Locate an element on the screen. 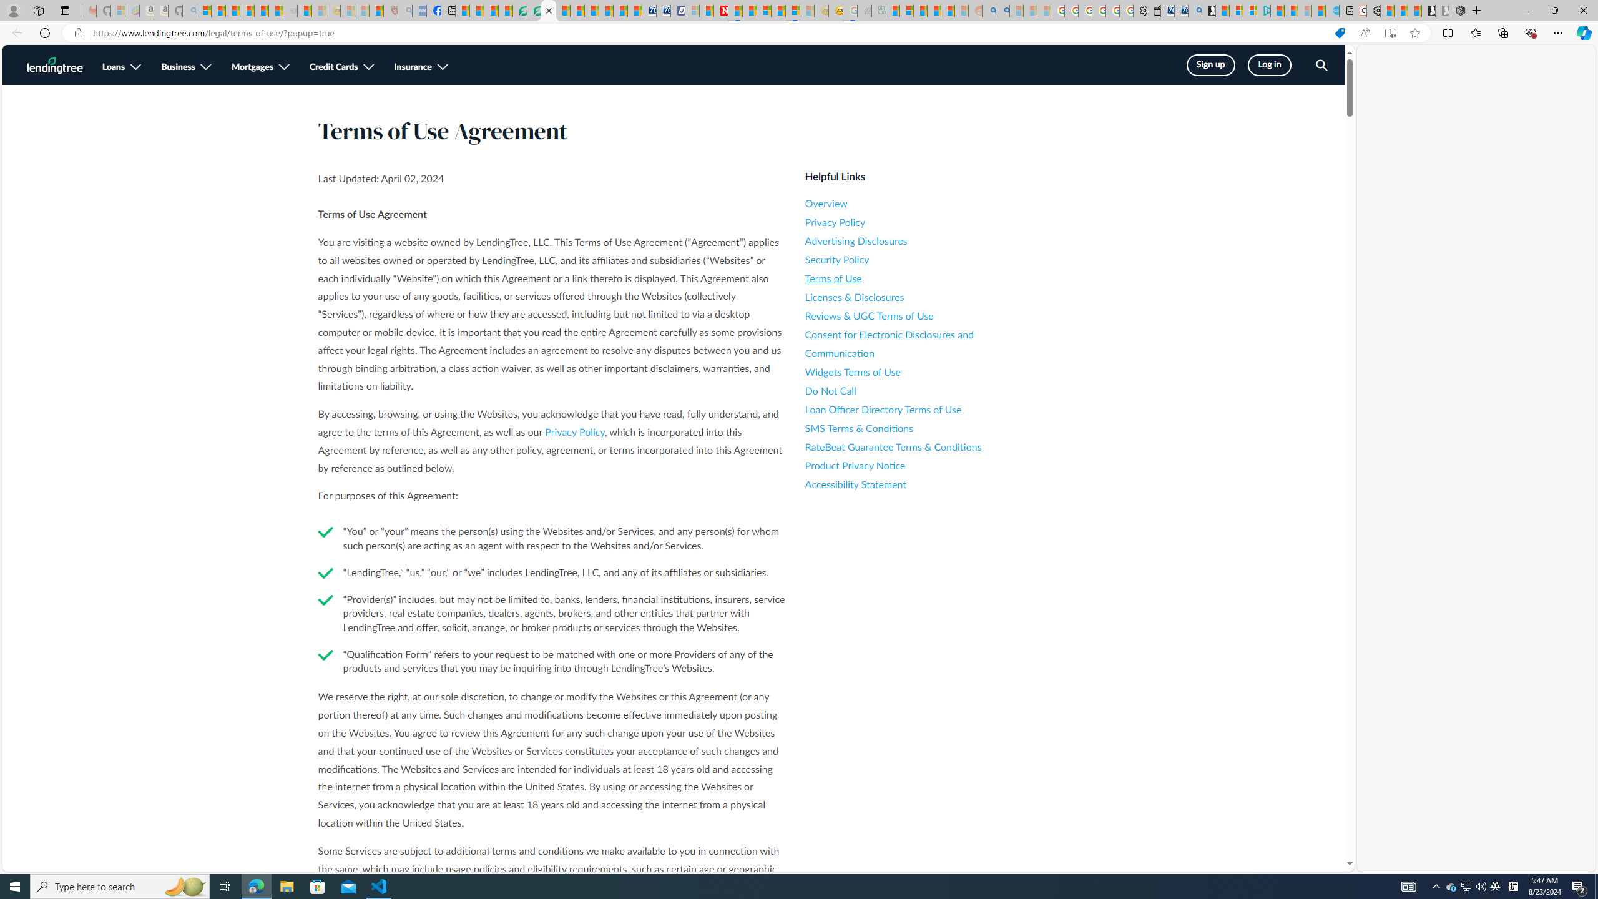  'Do Not Call' is located at coordinates (917, 390).